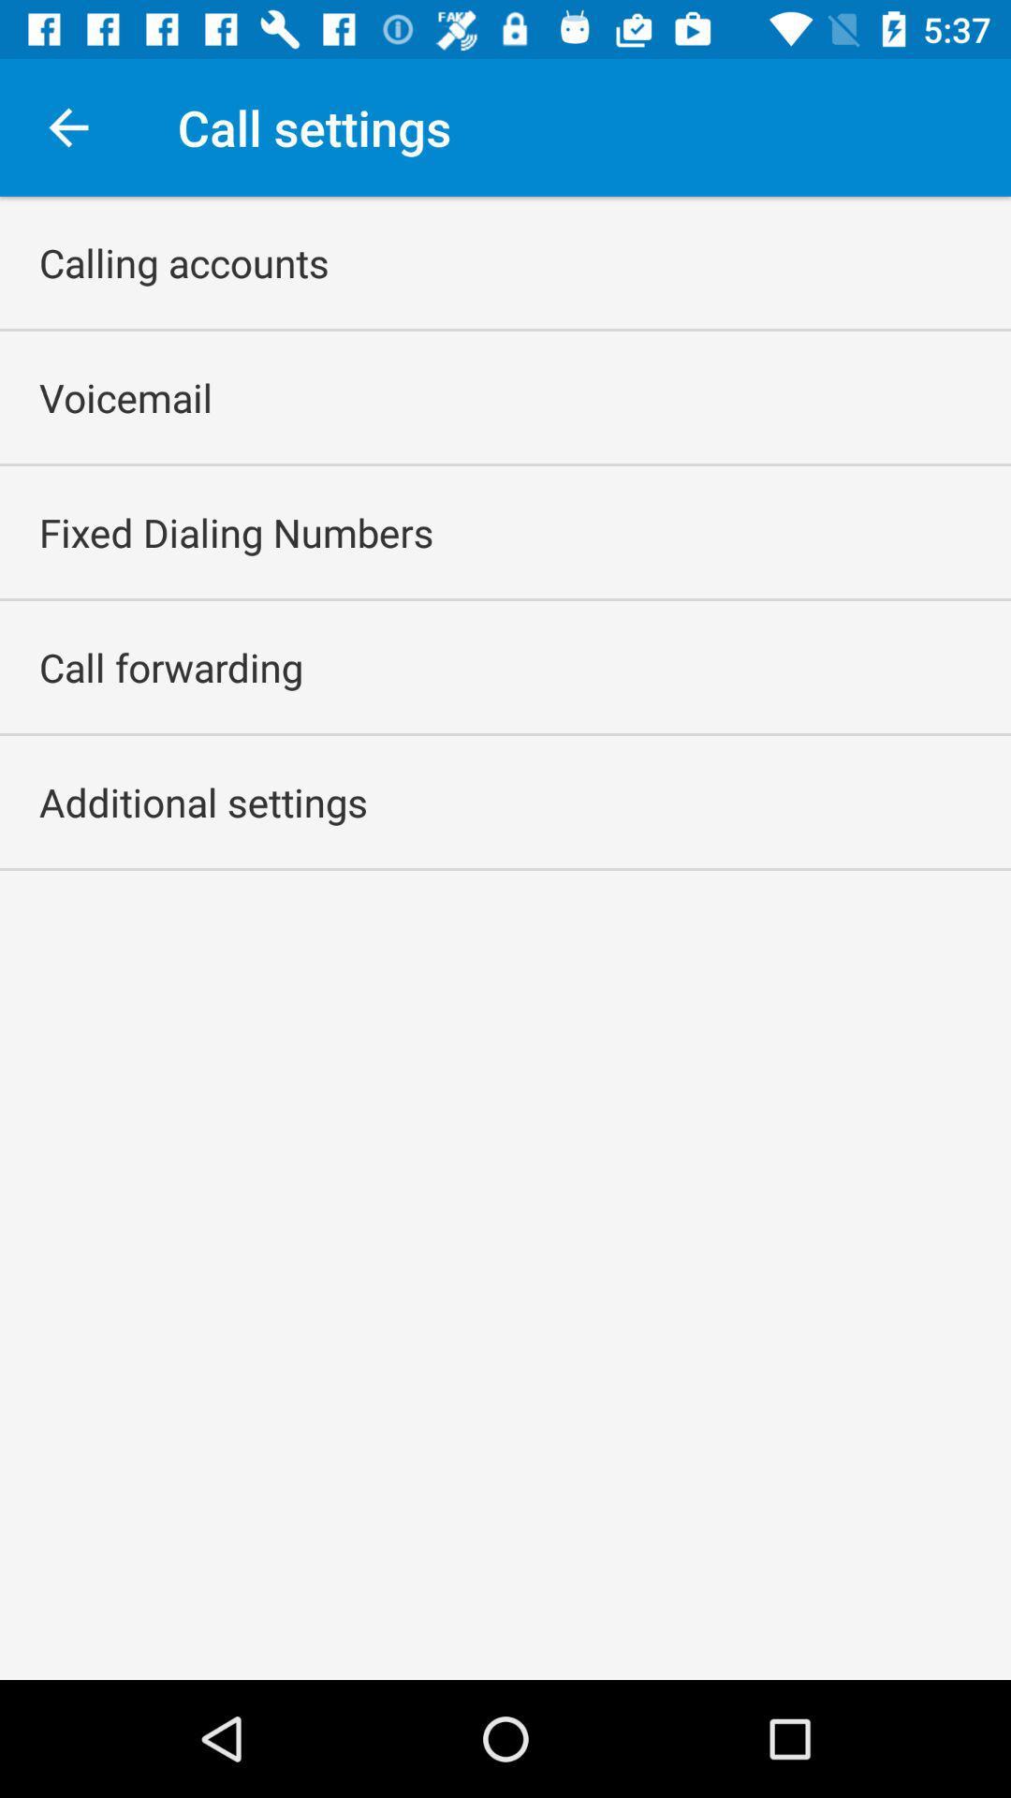 This screenshot has width=1011, height=1798. I want to click on the call forwarding app, so click(170, 667).